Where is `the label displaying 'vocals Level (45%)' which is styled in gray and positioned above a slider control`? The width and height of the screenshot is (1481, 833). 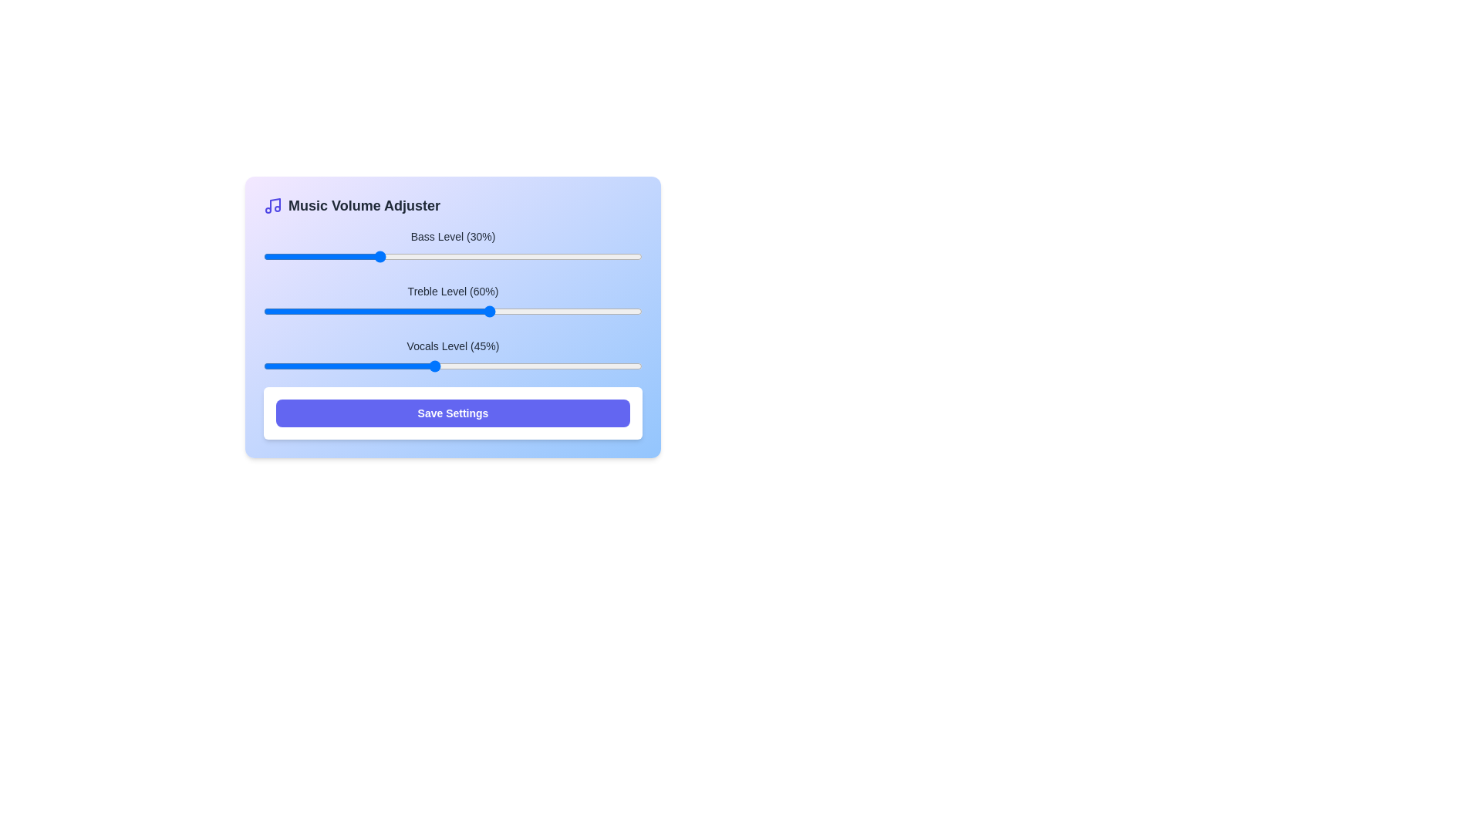
the label displaying 'vocals Level (45%)' which is styled in gray and positioned above a slider control is located at coordinates (452, 345).